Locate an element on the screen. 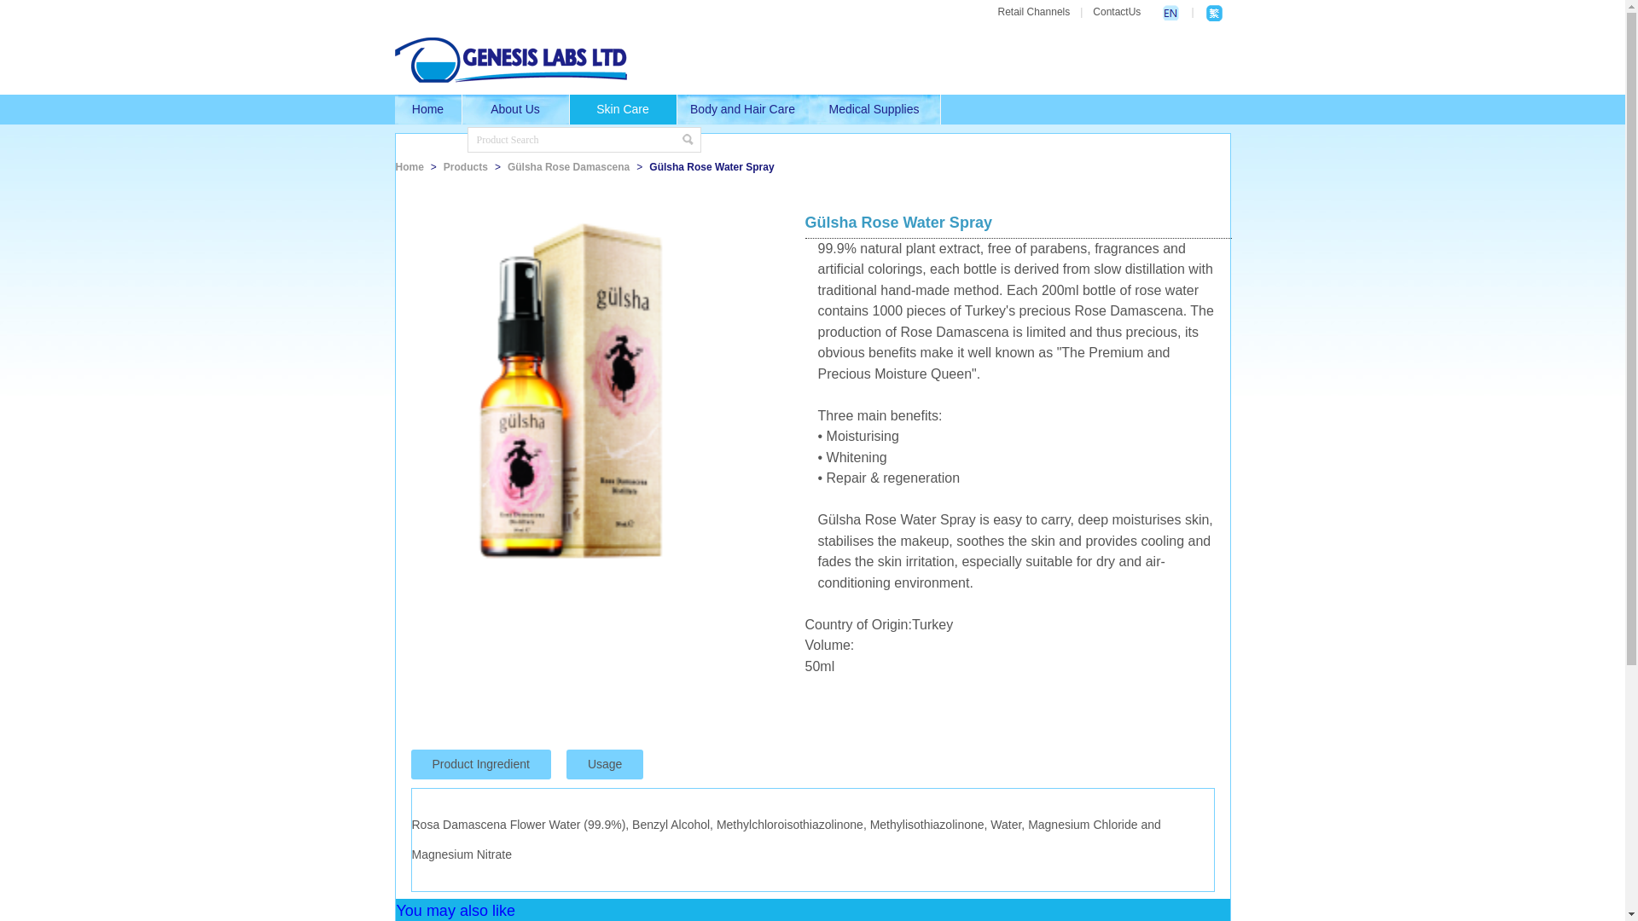  'Usage' is located at coordinates (605, 763).